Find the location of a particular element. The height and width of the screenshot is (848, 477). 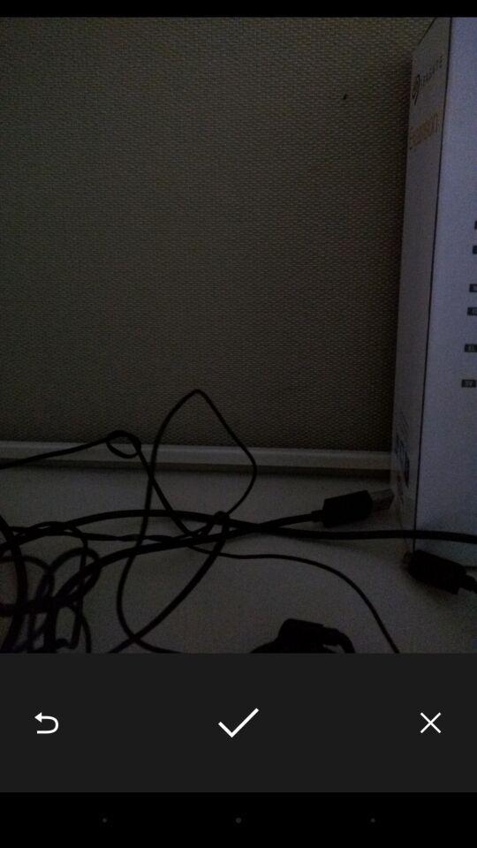

icon at the bottom left corner is located at coordinates (46, 723).